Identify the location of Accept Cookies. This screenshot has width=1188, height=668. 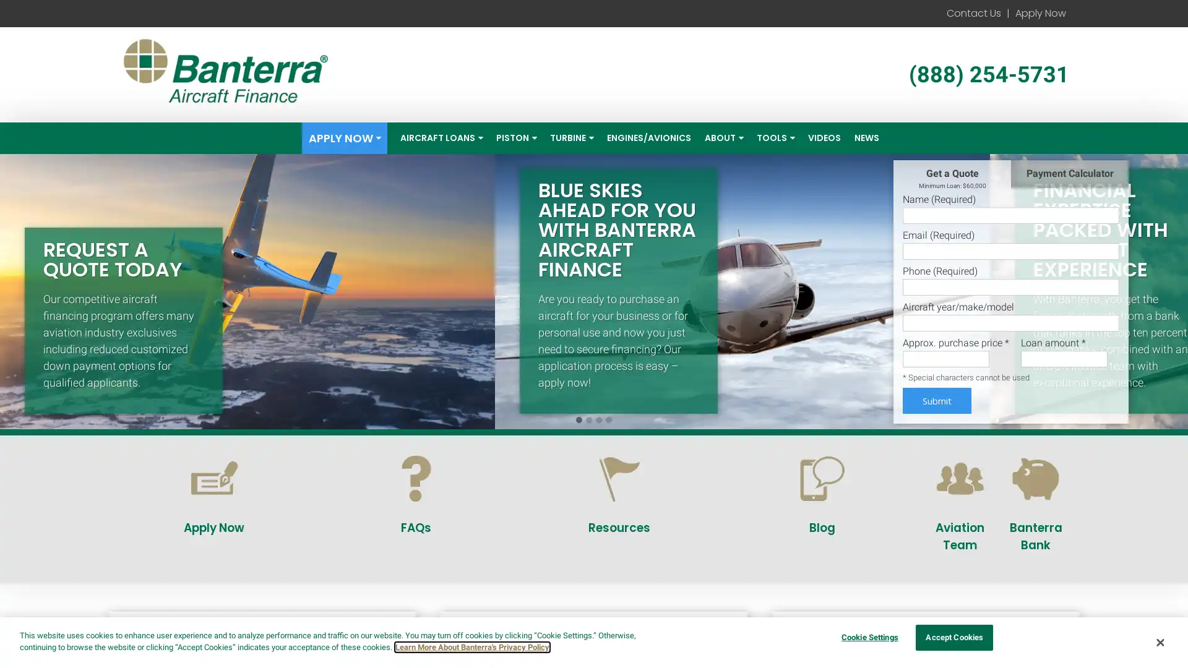
(953, 641).